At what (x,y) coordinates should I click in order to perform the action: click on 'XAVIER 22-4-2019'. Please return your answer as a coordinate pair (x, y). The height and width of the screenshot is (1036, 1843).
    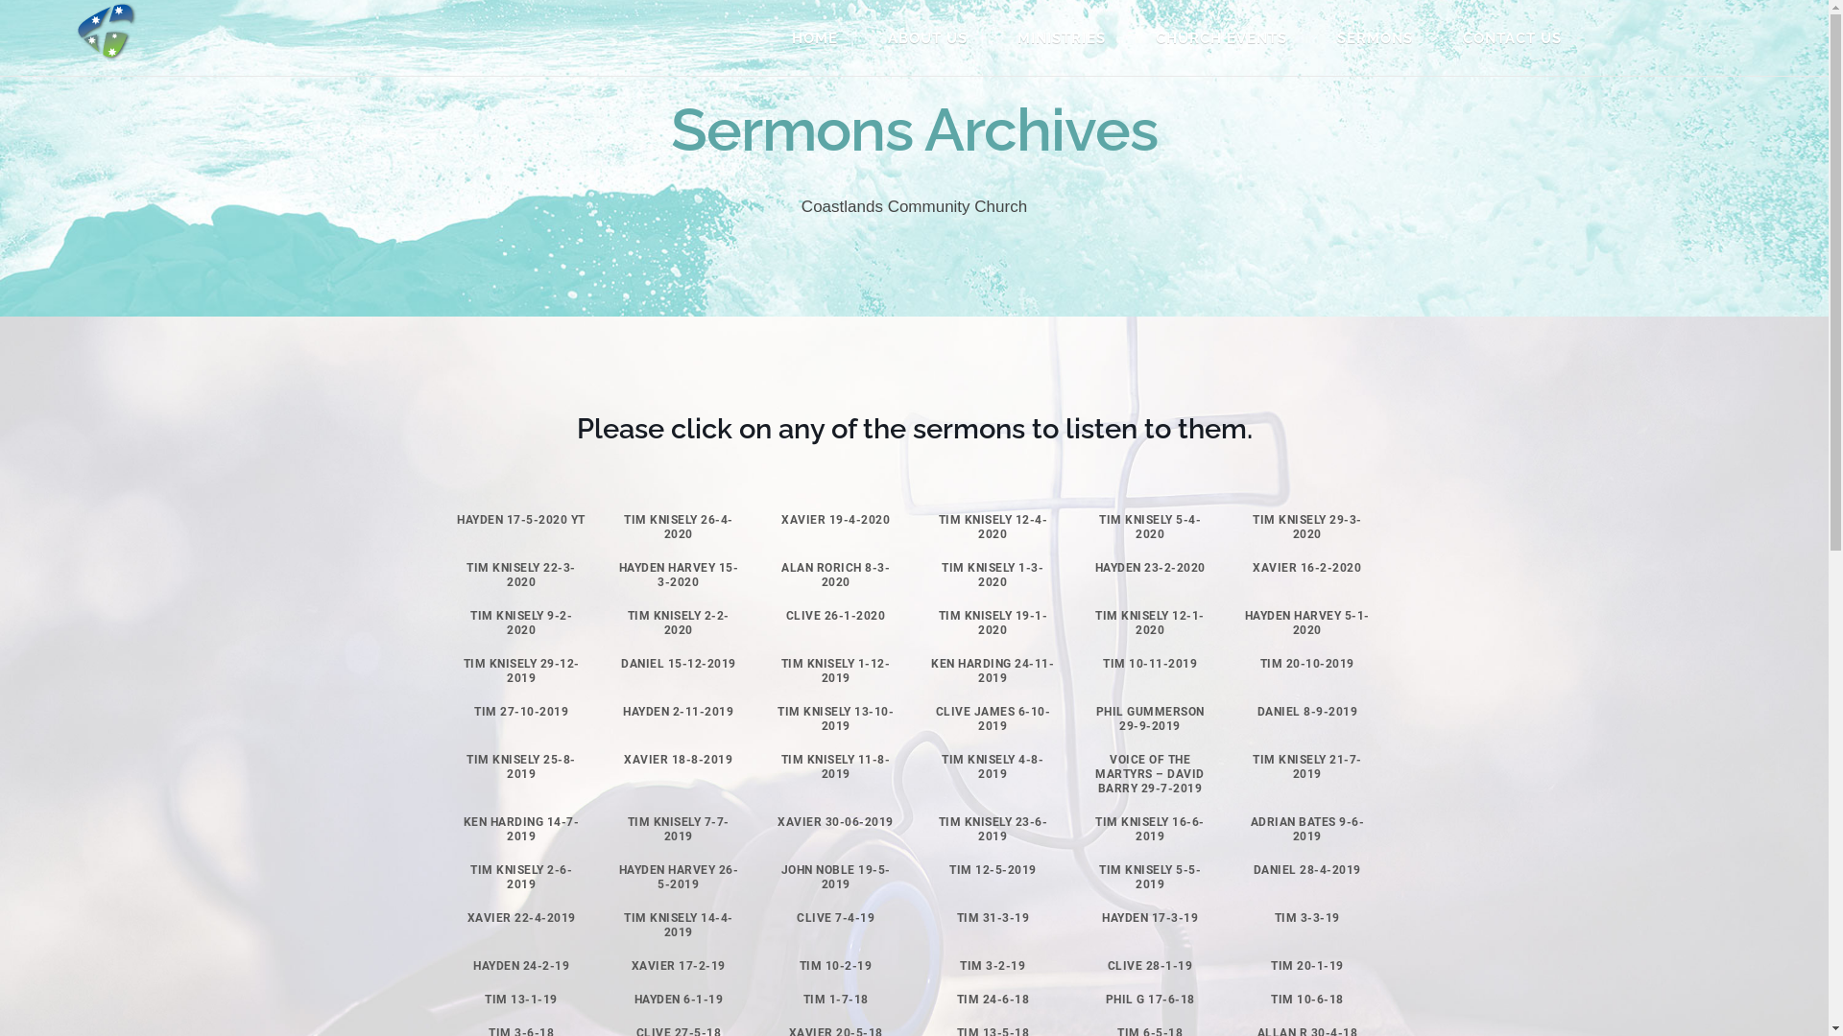
    Looking at the image, I should click on (521, 916).